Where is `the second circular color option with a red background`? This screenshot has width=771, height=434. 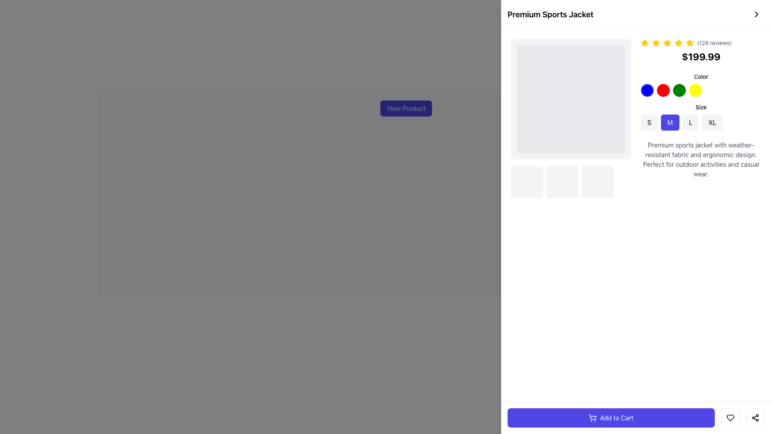 the second circular color option with a red background is located at coordinates (663, 90).